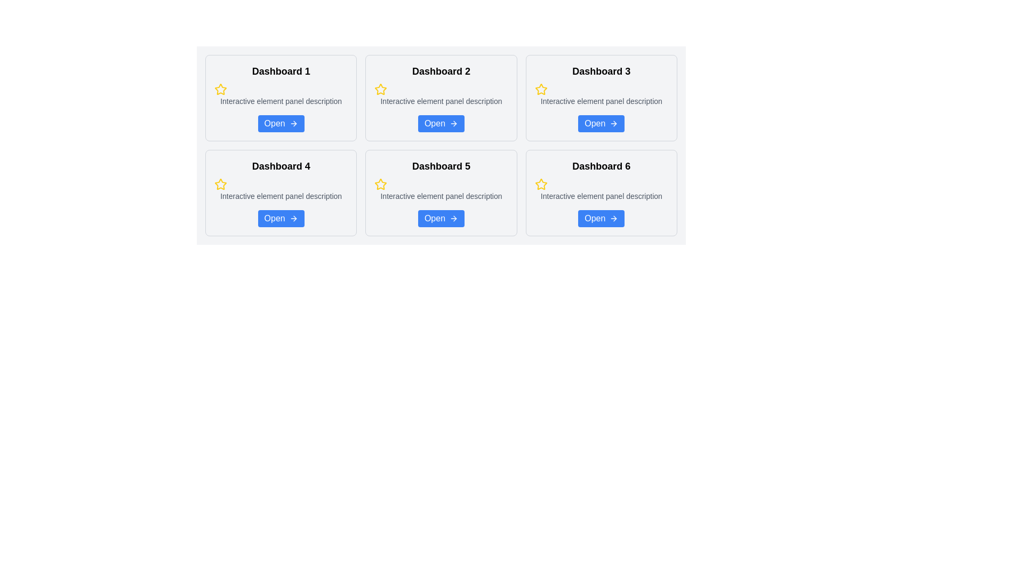 Image resolution: width=1024 pixels, height=576 pixels. What do you see at coordinates (614, 123) in the screenshot?
I see `the SVG Icon located within the 'Open' button in the third card of the top row in a grid layout, positioned to the right of the text 'Open'` at bounding box center [614, 123].